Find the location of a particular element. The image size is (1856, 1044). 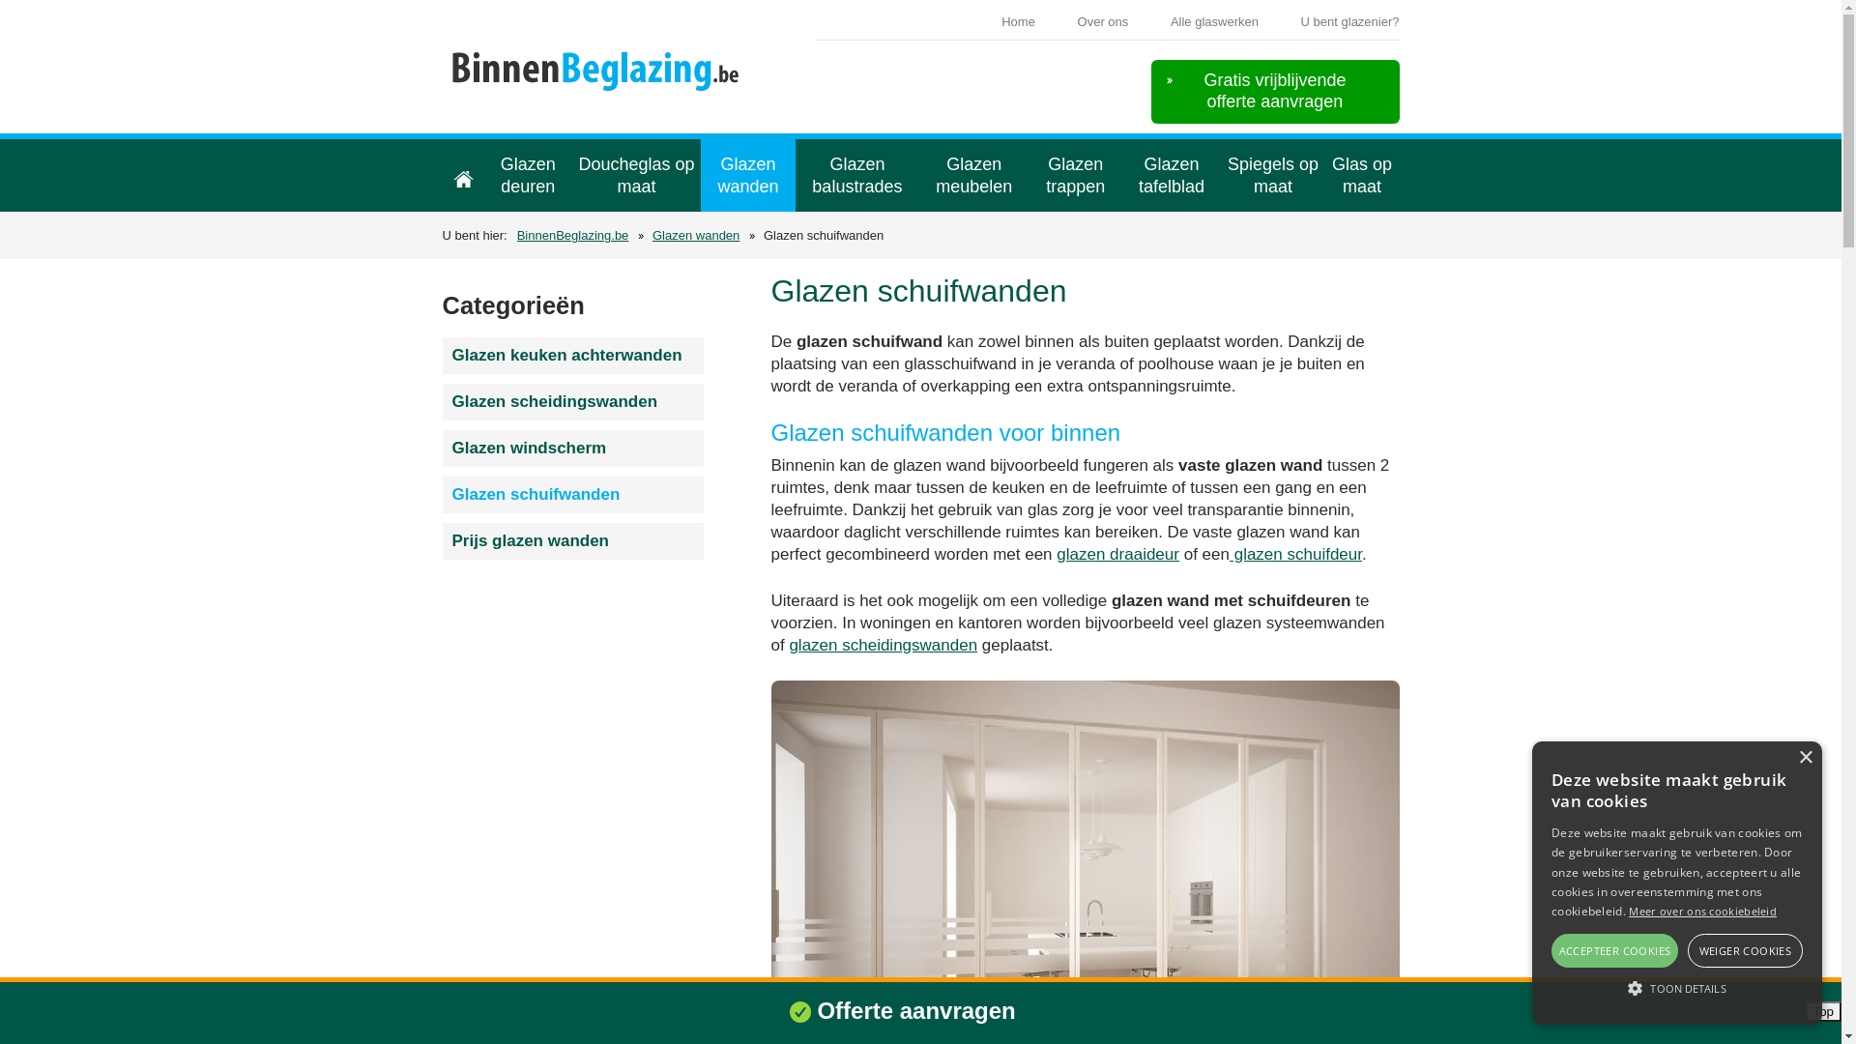

'glazen schuifdeur' is located at coordinates (1295, 554).